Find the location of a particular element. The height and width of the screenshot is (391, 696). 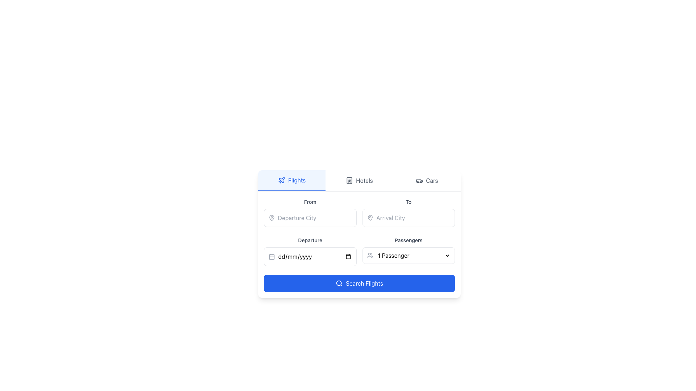

the 'Hotels' text label in the navigation bar, which is styled in gray and indicates an inactive status, located centrally between 'Flights' and 'Cars' is located at coordinates (364, 180).